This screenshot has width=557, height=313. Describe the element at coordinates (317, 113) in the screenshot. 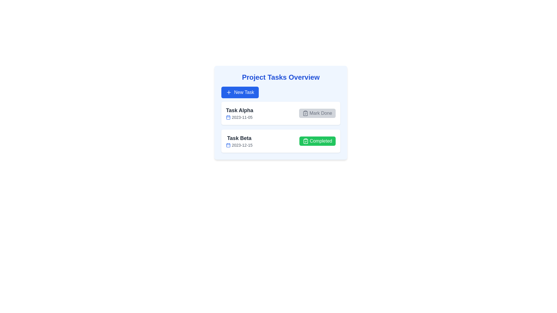

I see `the button in the top right corner of the task card labeled 'Task Alpha'` at that location.